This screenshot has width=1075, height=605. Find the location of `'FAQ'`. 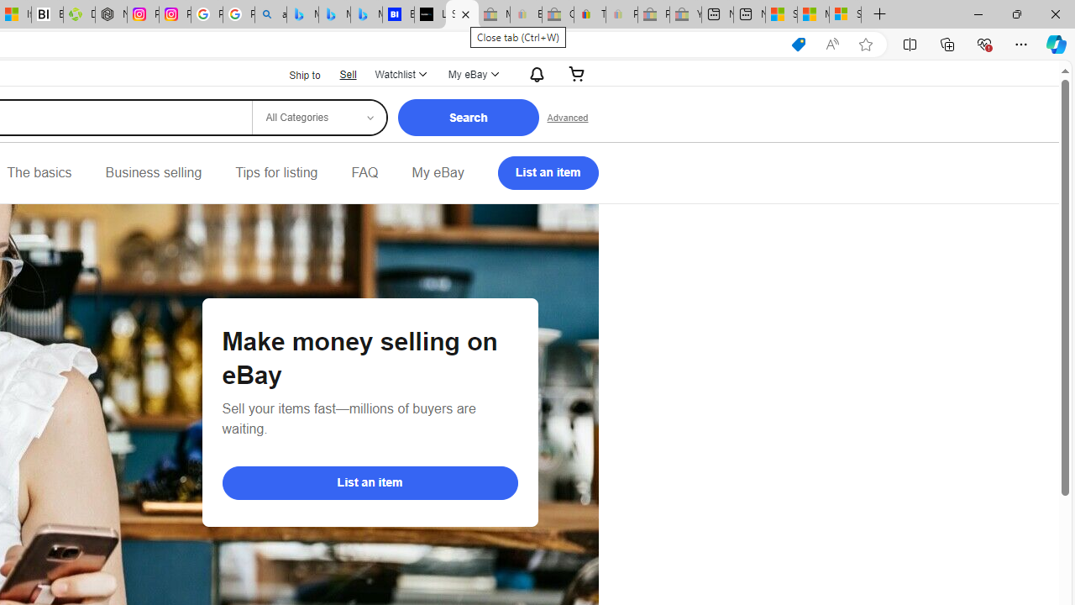

'FAQ' is located at coordinates (364, 172).